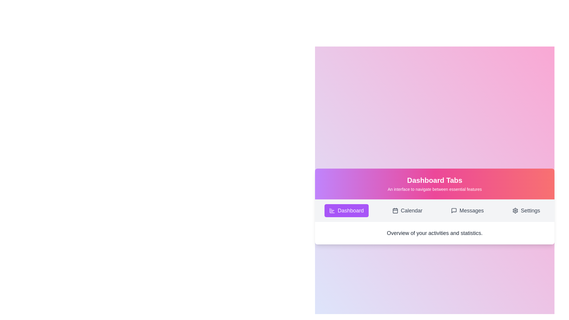 The height and width of the screenshot is (320, 569). What do you see at coordinates (454, 210) in the screenshot?
I see `the chat message square icon located to the left of the 'Messages' label in the horizontal navigation menu` at bounding box center [454, 210].